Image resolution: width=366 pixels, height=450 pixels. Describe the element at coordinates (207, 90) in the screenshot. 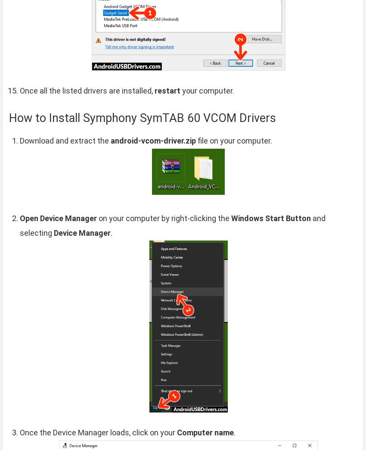

I see `'your computer.'` at that location.